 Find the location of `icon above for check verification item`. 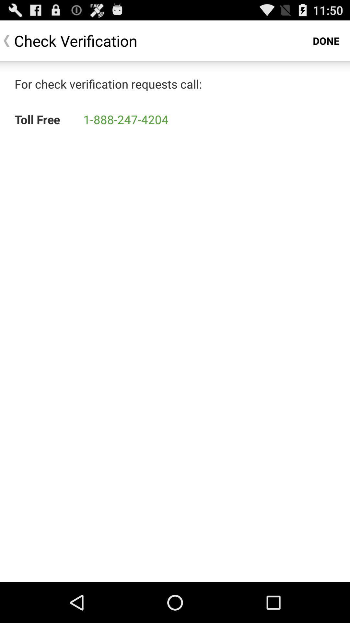

icon above for check verification item is located at coordinates (326, 40).